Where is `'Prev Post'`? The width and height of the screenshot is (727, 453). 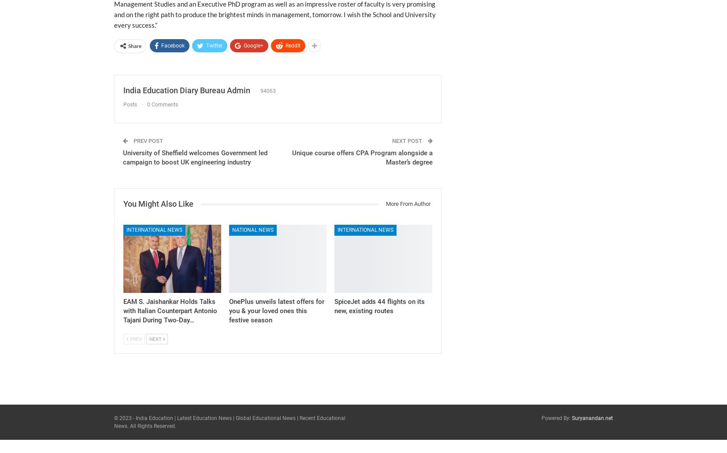 'Prev Post' is located at coordinates (147, 140).